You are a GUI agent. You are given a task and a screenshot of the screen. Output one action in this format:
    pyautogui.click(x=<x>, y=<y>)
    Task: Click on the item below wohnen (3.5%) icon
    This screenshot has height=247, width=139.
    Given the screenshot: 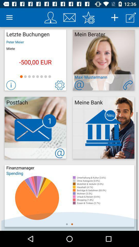 What is the action you would take?
    pyautogui.click(x=105, y=196)
    